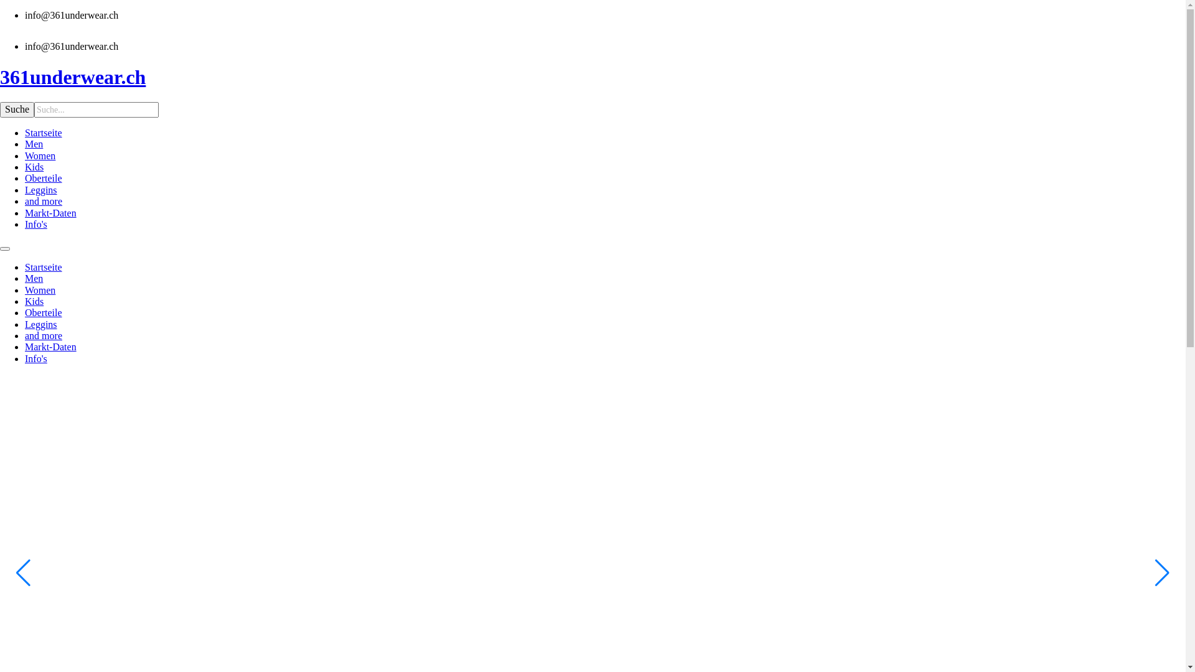 The image size is (1195, 672). Describe the element at coordinates (24, 212) in the screenshot. I see `'Markt-Daten'` at that location.